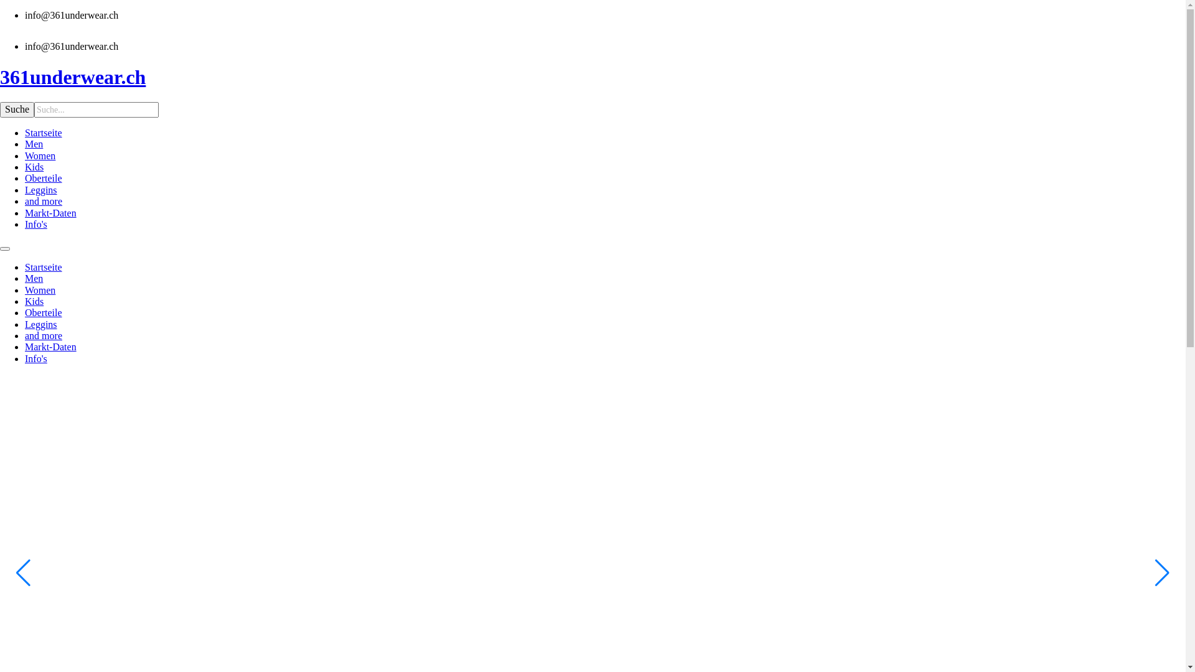 The image size is (1195, 672). Describe the element at coordinates (24, 212) in the screenshot. I see `'Markt-Daten'` at that location.